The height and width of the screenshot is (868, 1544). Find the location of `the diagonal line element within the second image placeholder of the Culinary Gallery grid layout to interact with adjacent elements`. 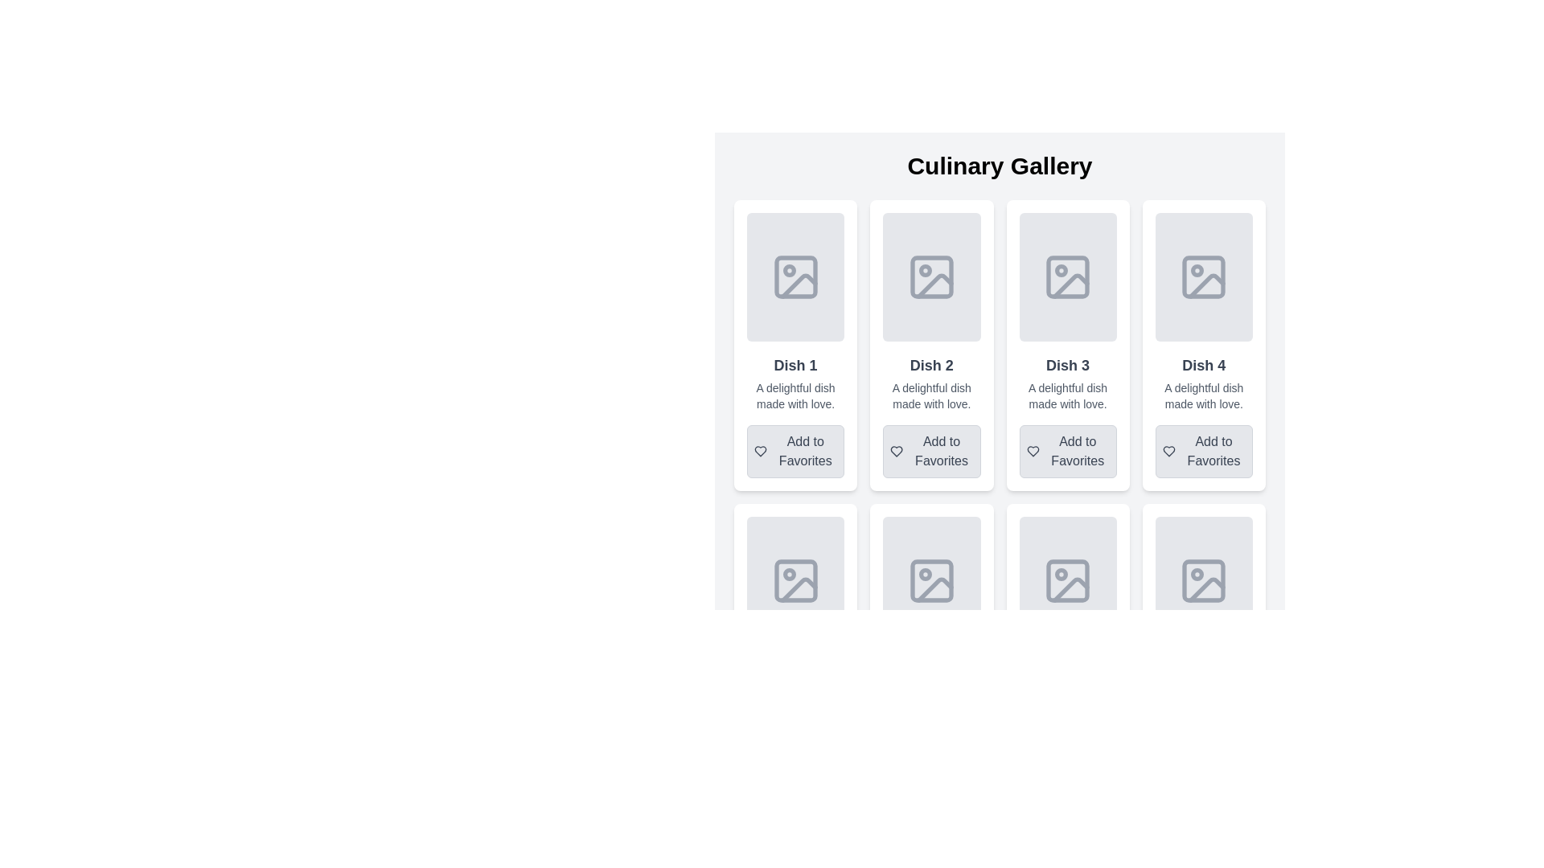

the diagonal line element within the second image placeholder of the Culinary Gallery grid layout to interact with adjacent elements is located at coordinates (934, 285).